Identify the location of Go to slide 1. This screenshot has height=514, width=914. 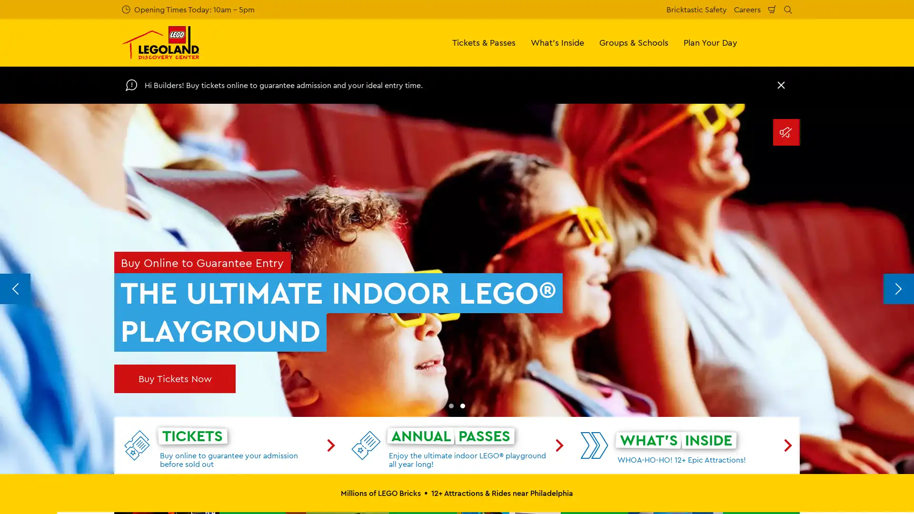
(451, 405).